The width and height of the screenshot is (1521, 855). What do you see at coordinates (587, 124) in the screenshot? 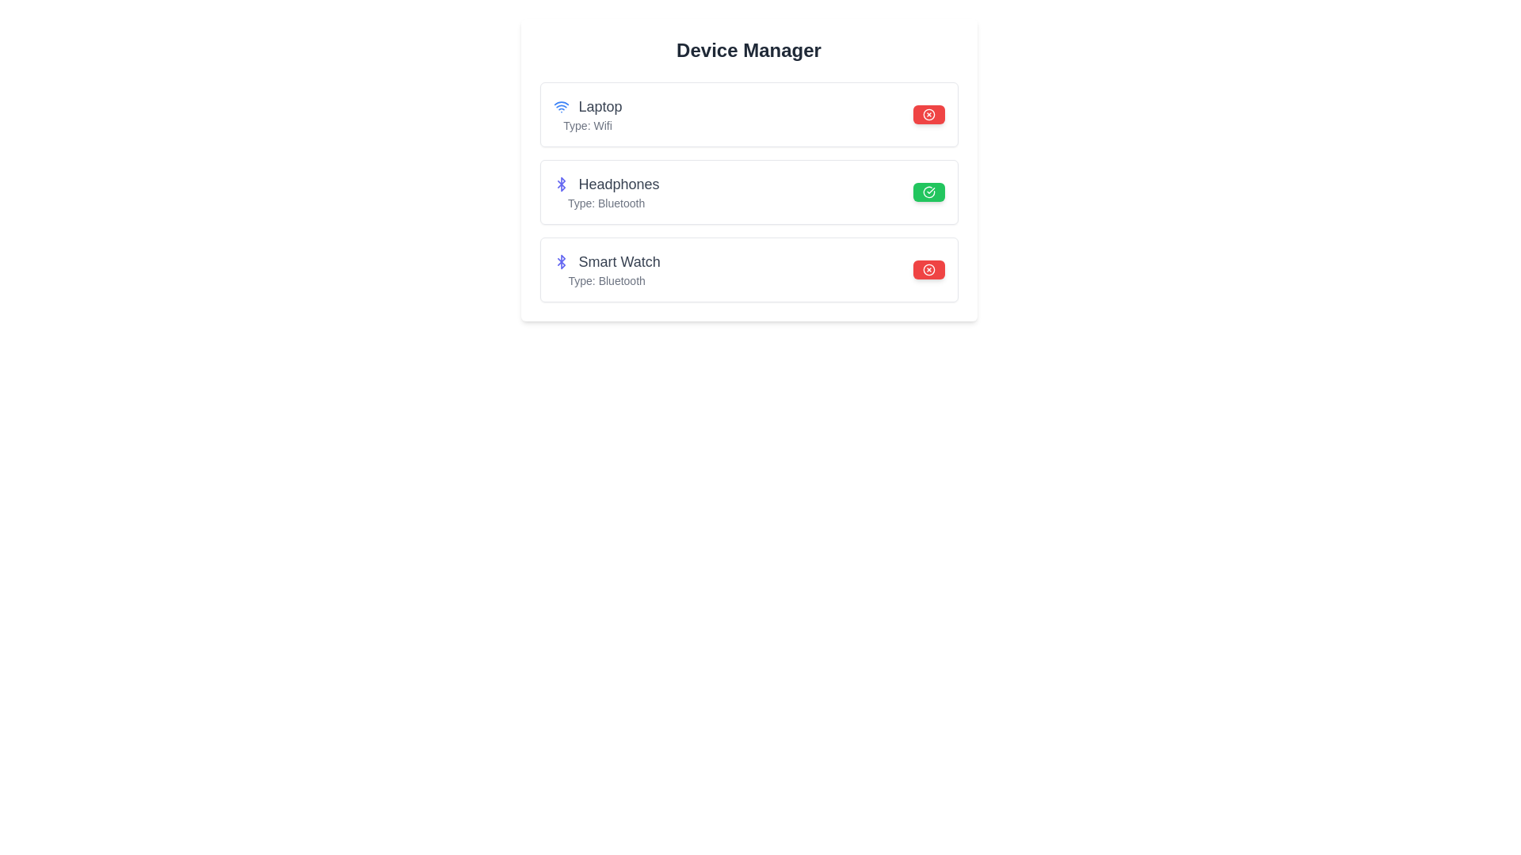
I see `text label that describes the device connectivity as 'Wifi', located under the title 'Laptop' in the first list item` at bounding box center [587, 124].